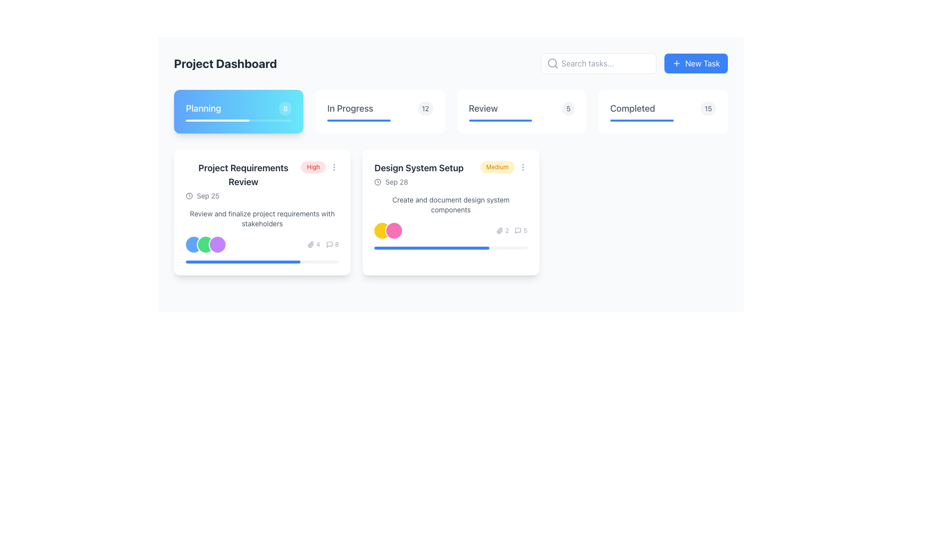 The height and width of the screenshot is (536, 952). Describe the element at coordinates (318, 245) in the screenshot. I see `text displayed in the numeric indicator Text label located in the lower-right portion of the 'Project Requirements Review' card` at that location.